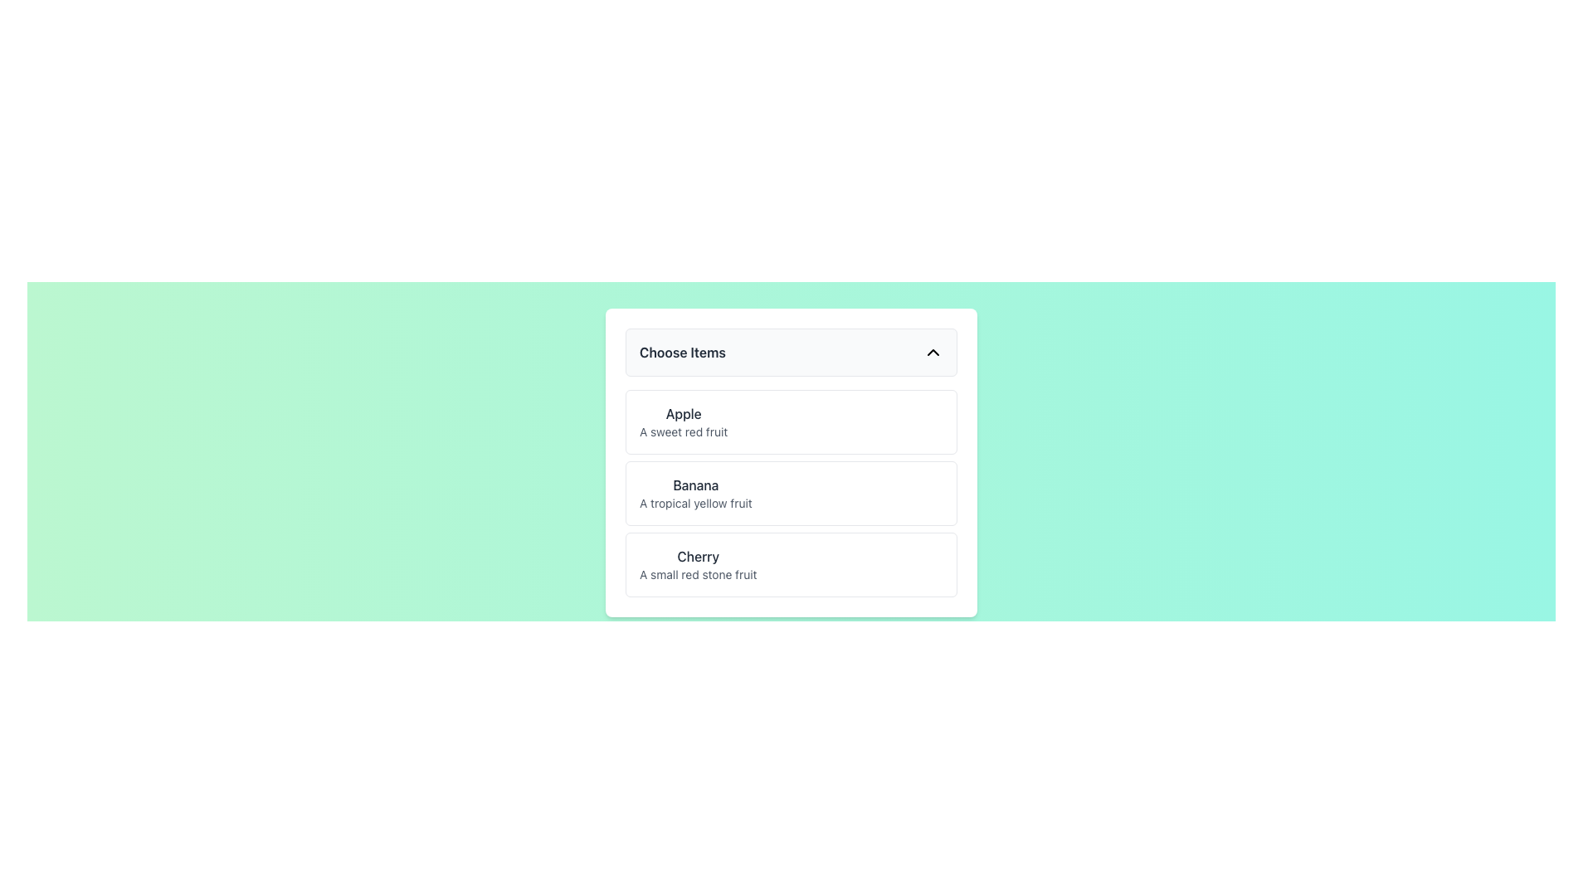  What do you see at coordinates (791, 564) in the screenshot?
I see `the 'Cherry' list item, which is the third entry in a vertically stacked list containing 'Apple' and 'Banana'` at bounding box center [791, 564].